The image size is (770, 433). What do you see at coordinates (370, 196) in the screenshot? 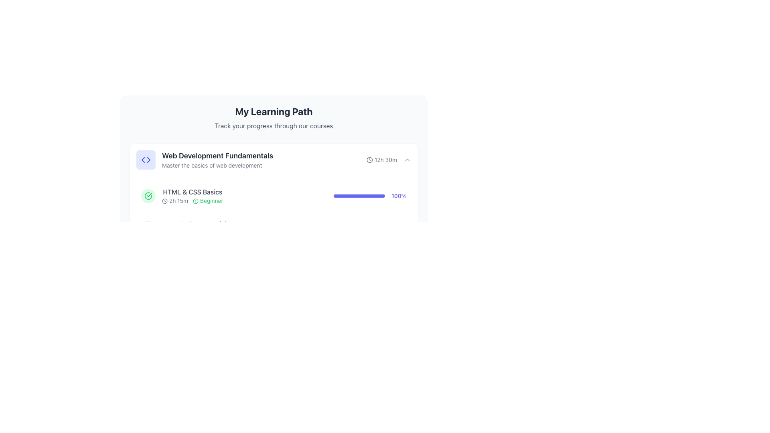
I see `the progress bar` at bounding box center [370, 196].